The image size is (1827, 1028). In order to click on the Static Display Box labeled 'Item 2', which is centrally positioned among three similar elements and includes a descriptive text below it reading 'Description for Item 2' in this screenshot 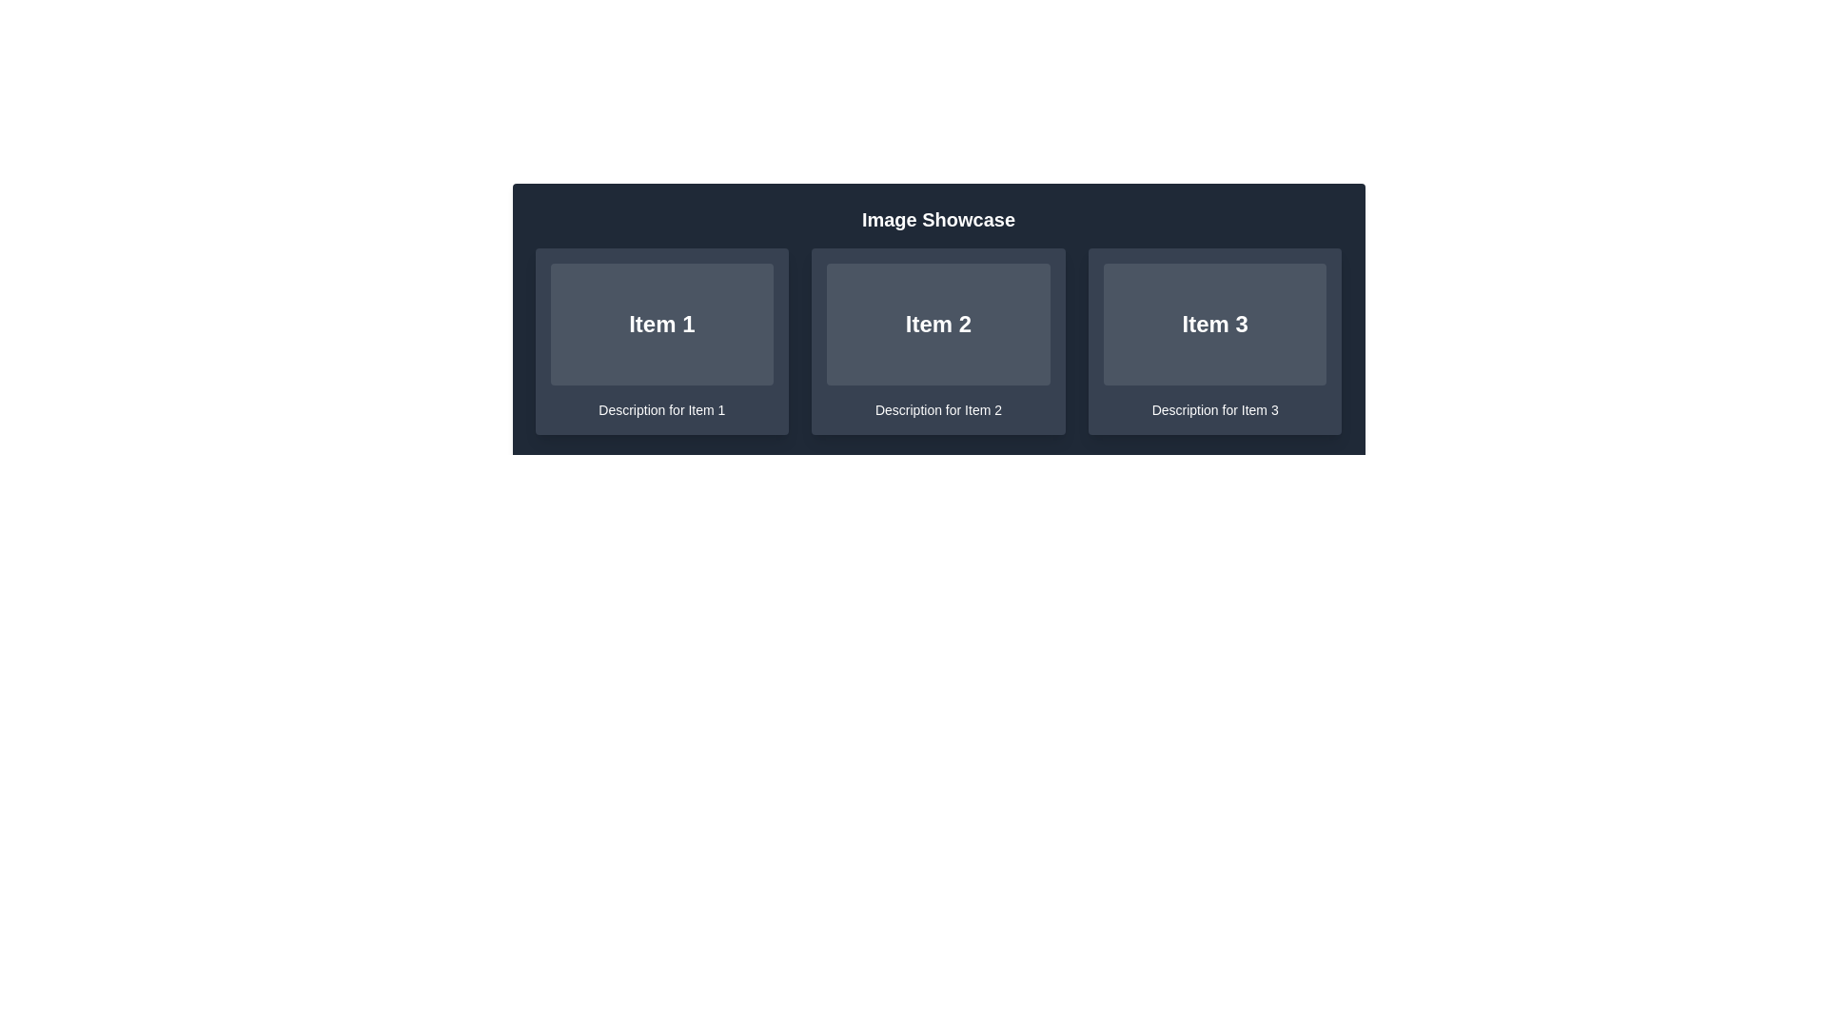, I will do `click(938, 323)`.